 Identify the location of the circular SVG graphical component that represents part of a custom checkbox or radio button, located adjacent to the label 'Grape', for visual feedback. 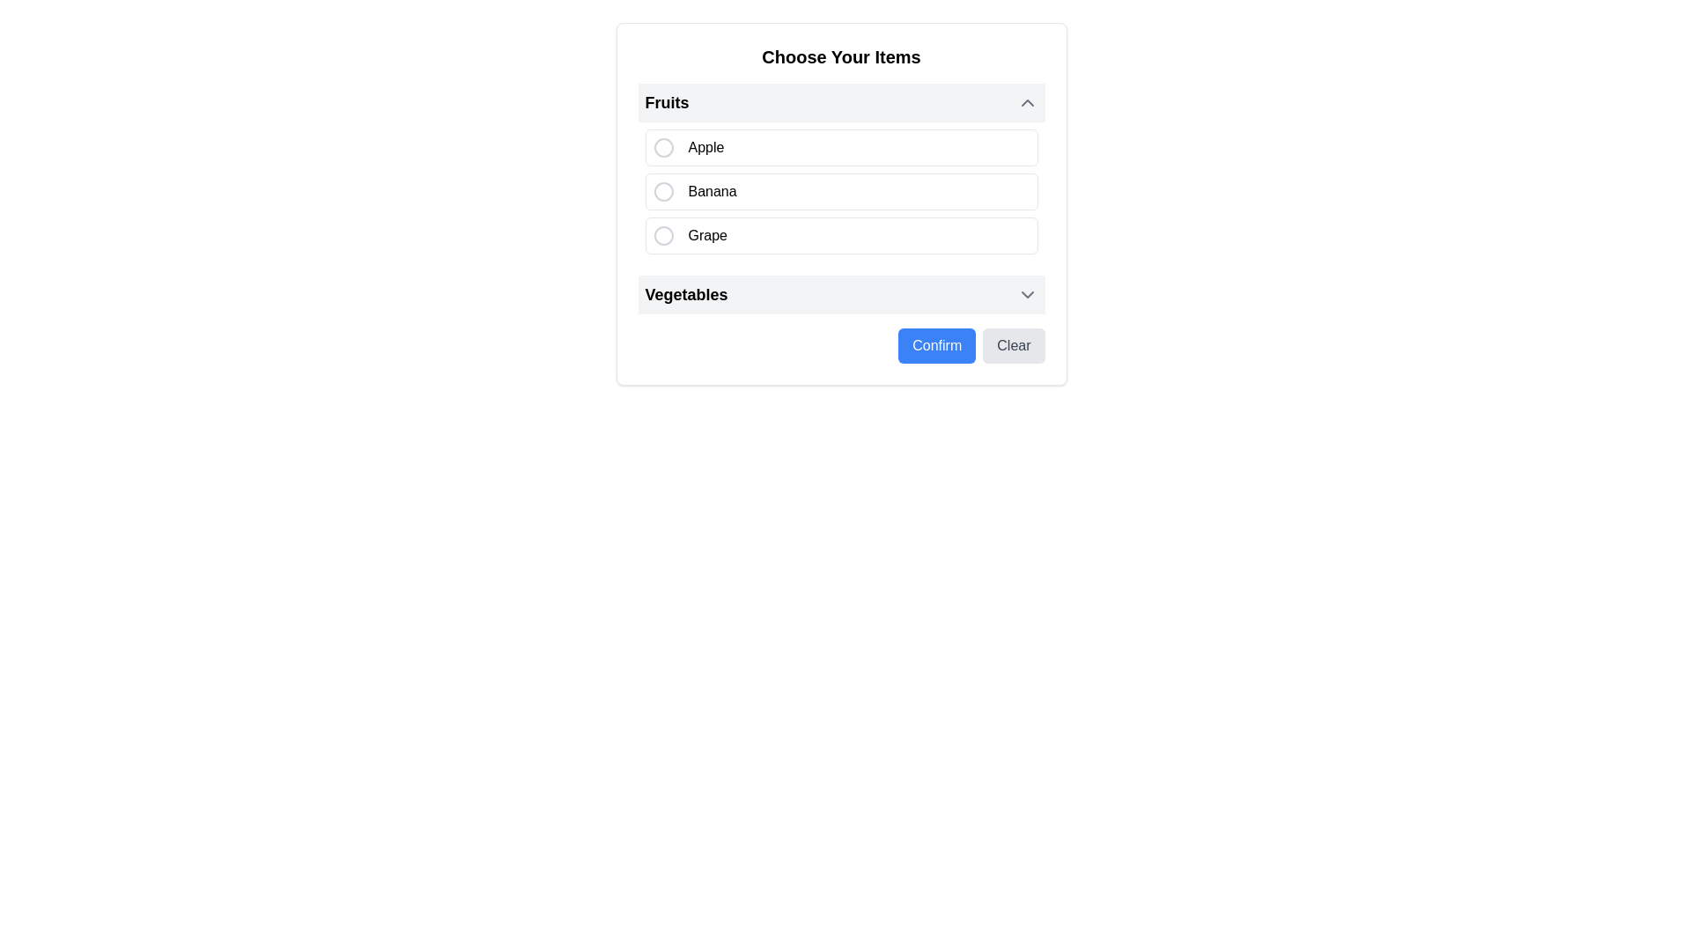
(662, 234).